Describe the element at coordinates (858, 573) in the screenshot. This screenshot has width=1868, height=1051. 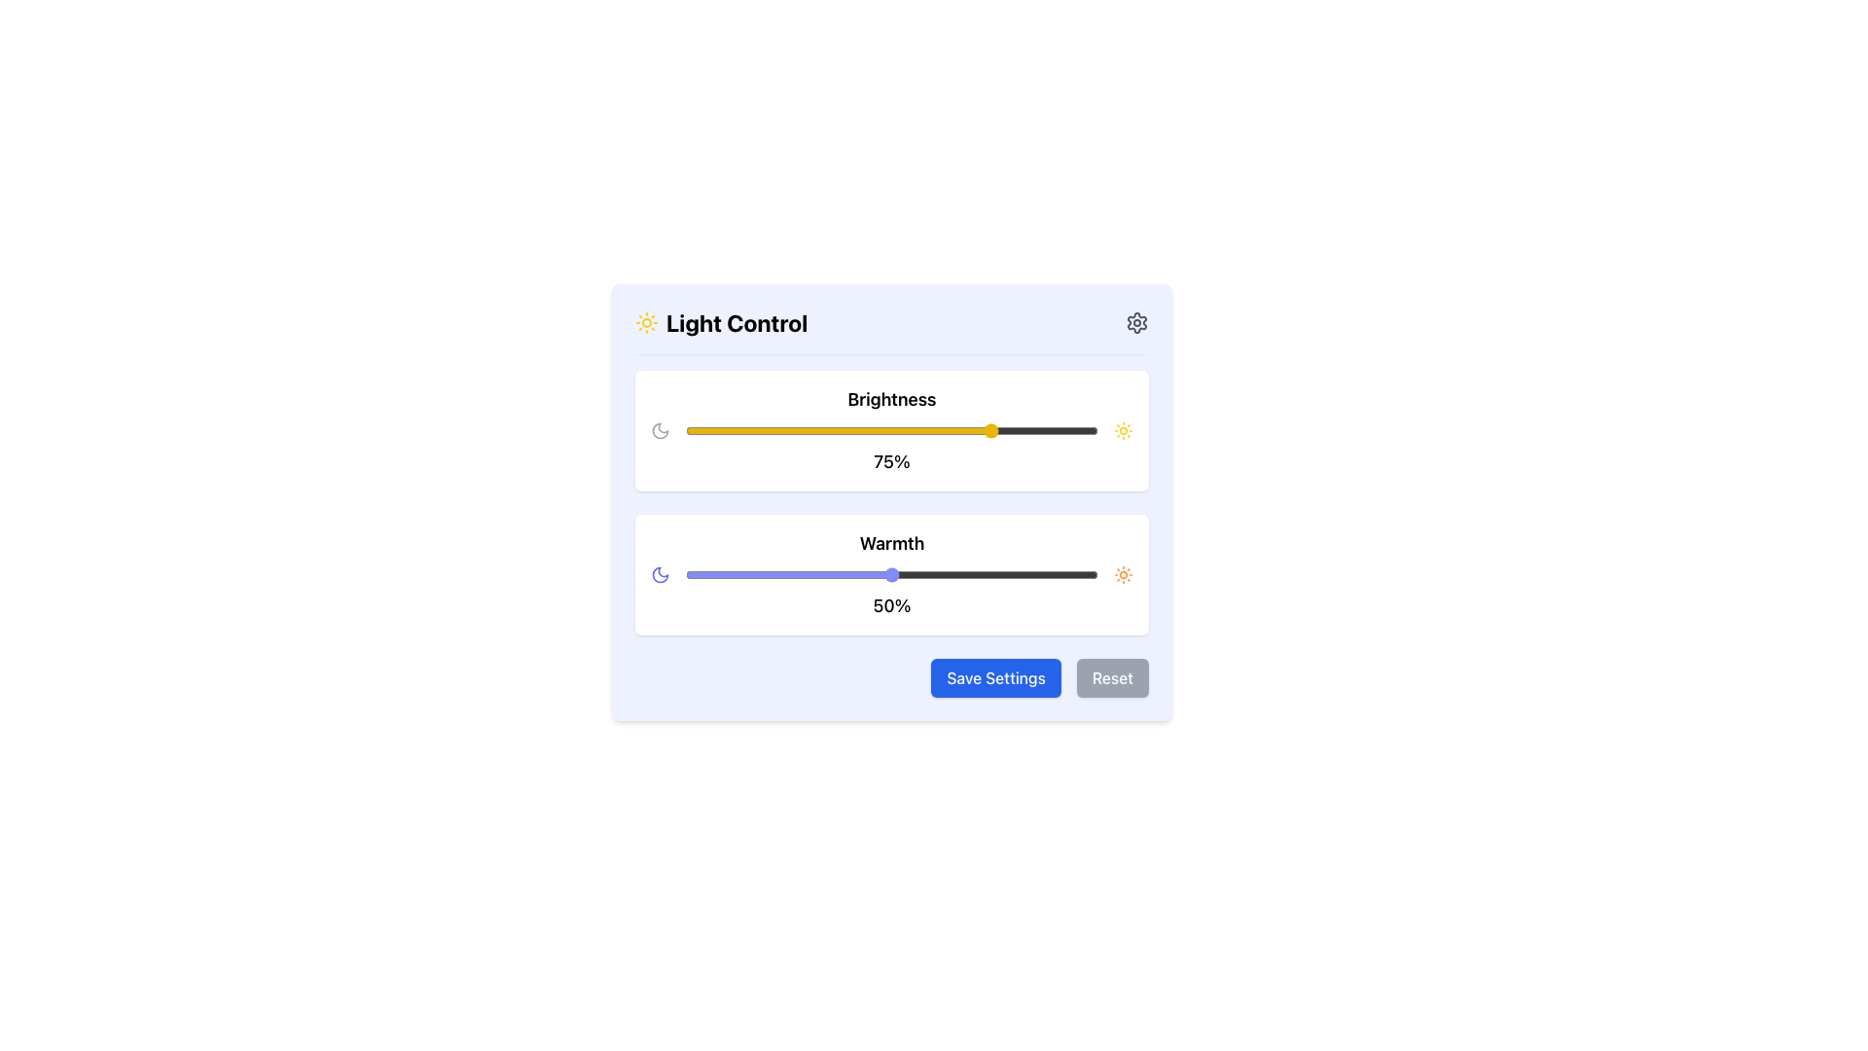
I see `the warmth level` at that location.